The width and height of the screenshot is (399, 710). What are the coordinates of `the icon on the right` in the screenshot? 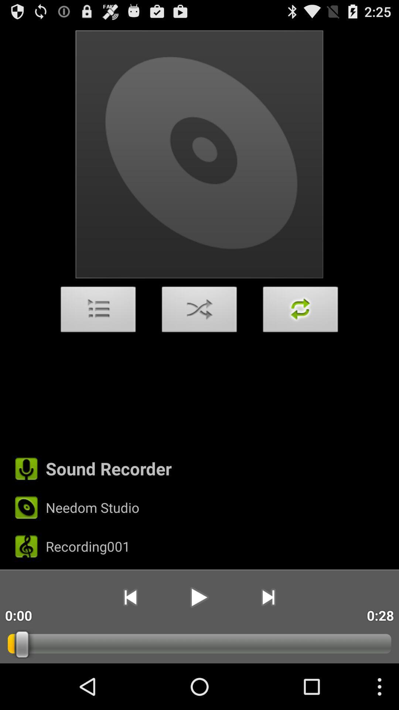 It's located at (300, 311).